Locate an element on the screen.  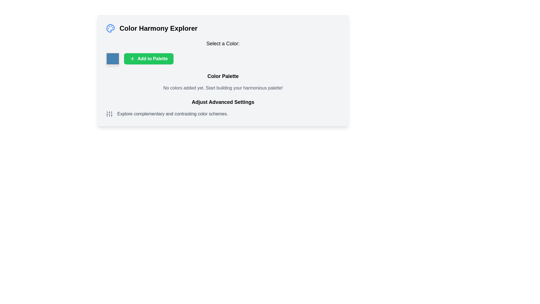
the button that allows users to add the selected color to their palette, located to the right of the blue square color display and slightly below the title 'Select a Color:' is located at coordinates (222, 59).